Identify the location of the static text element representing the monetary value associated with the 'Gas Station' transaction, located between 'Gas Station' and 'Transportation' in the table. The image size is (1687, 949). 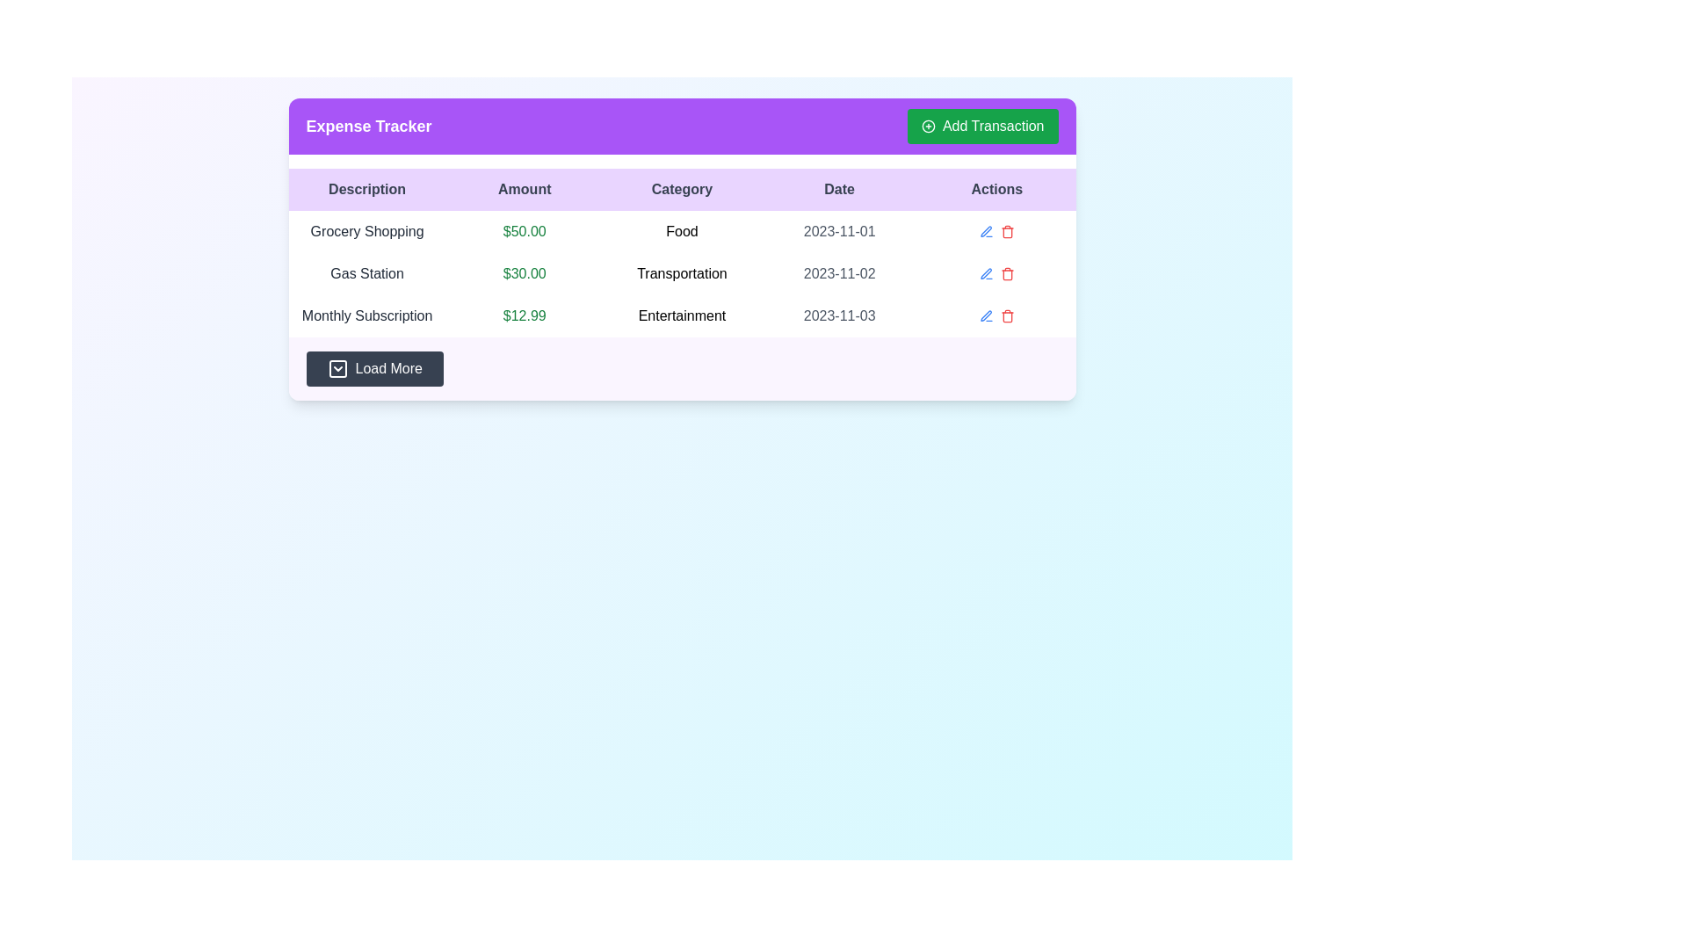
(524, 274).